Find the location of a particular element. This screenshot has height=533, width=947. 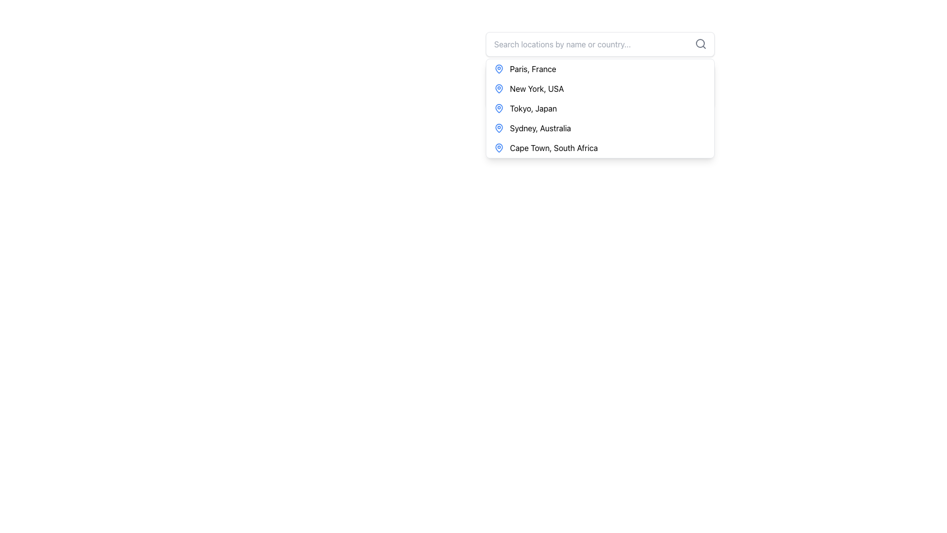

the map pin icon representing 'Sydney, Australia' in the dropdown list is located at coordinates (499, 127).